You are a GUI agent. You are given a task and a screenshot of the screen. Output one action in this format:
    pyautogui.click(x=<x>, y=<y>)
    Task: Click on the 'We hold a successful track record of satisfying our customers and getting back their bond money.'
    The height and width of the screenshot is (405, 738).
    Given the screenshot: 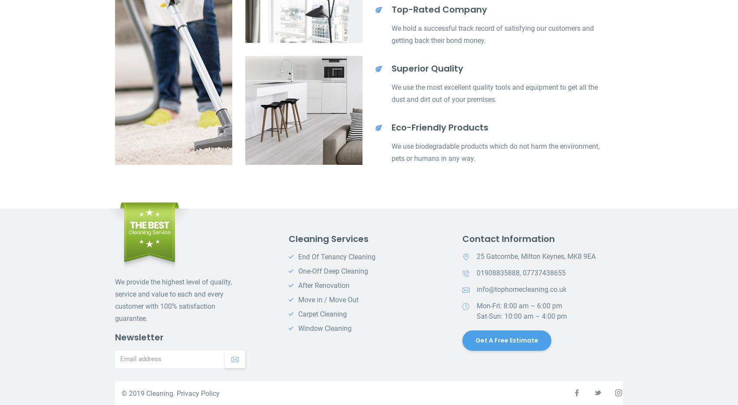 What is the action you would take?
    pyautogui.click(x=492, y=34)
    